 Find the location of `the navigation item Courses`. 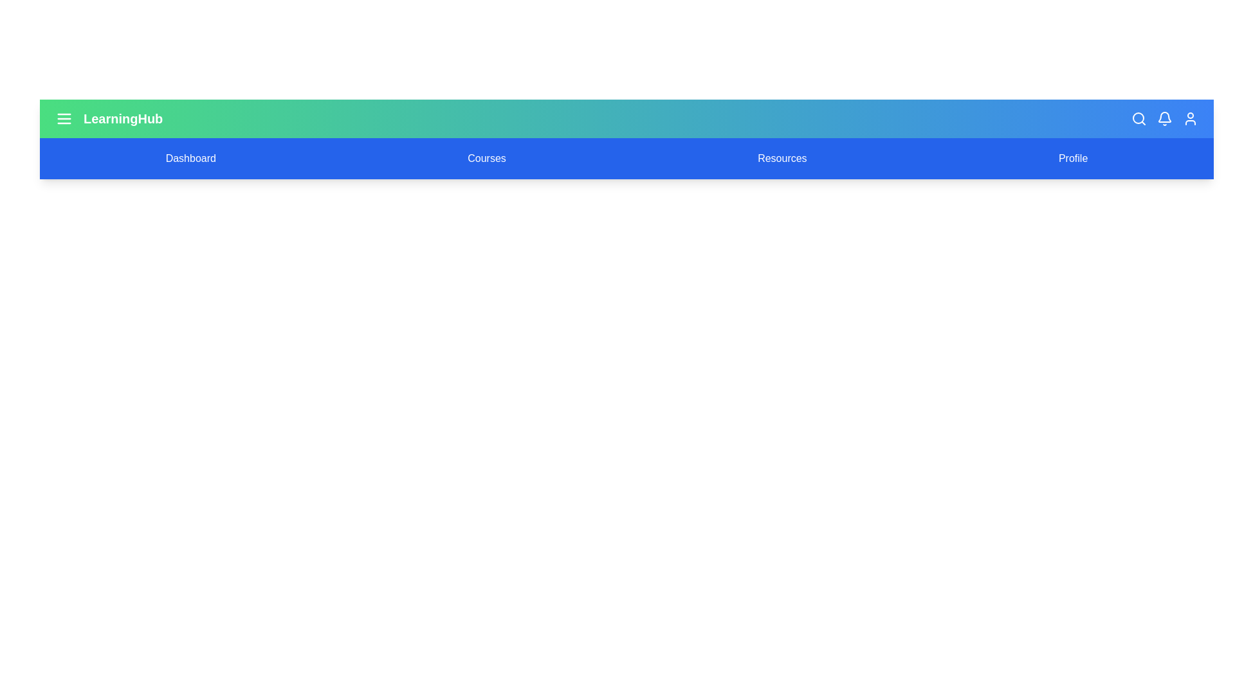

the navigation item Courses is located at coordinates (486, 157).